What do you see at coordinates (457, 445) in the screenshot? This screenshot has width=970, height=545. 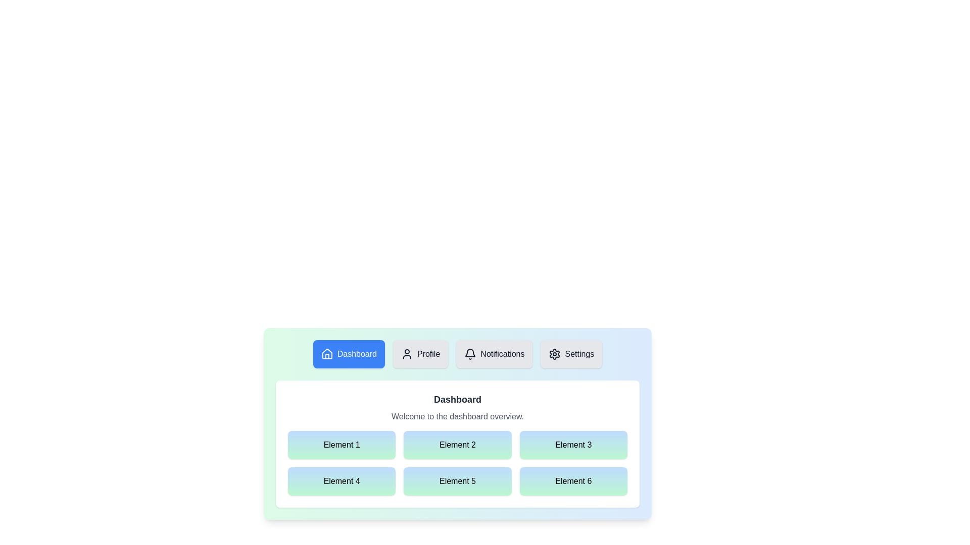 I see `the grid element labeled Element 2` at bounding box center [457, 445].